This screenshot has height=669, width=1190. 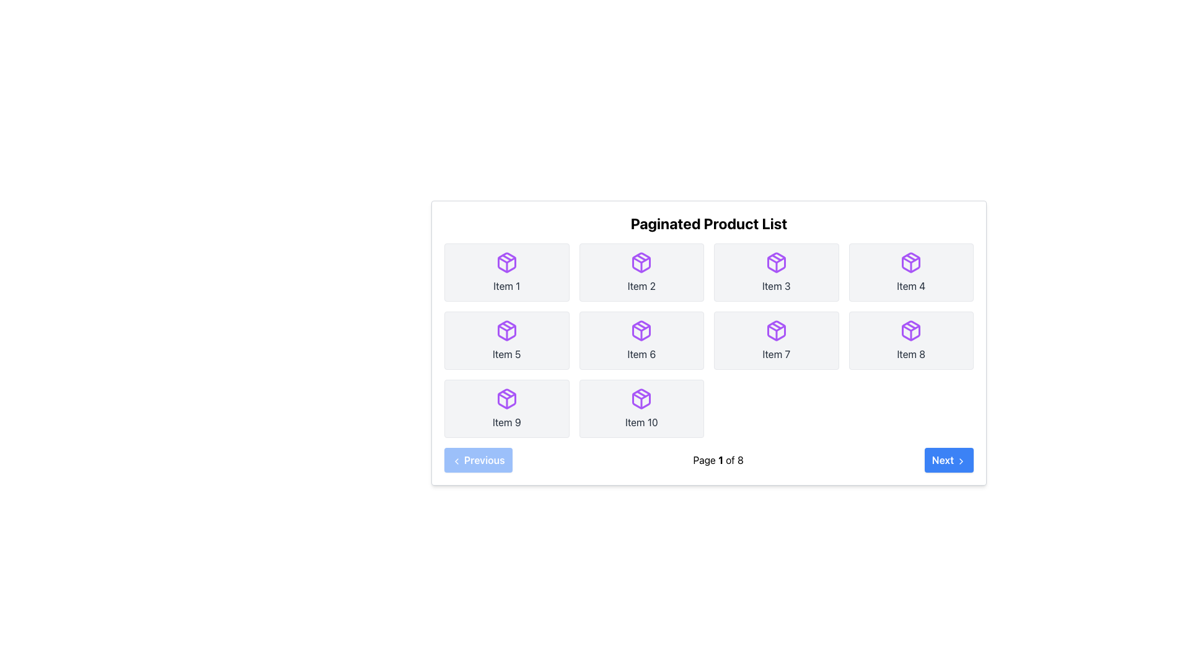 What do you see at coordinates (641, 422) in the screenshot?
I see `the label displaying 'Item 10', which is styled in dark gray and located at the bottom of the tenth item in a grid of products` at bounding box center [641, 422].